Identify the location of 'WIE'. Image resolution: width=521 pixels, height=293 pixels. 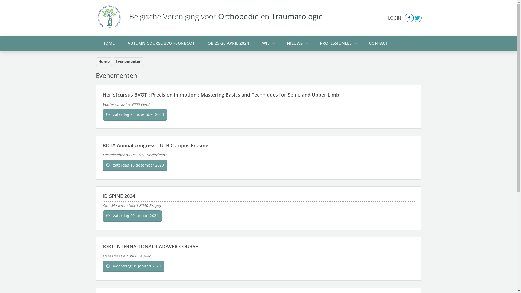
(268, 43).